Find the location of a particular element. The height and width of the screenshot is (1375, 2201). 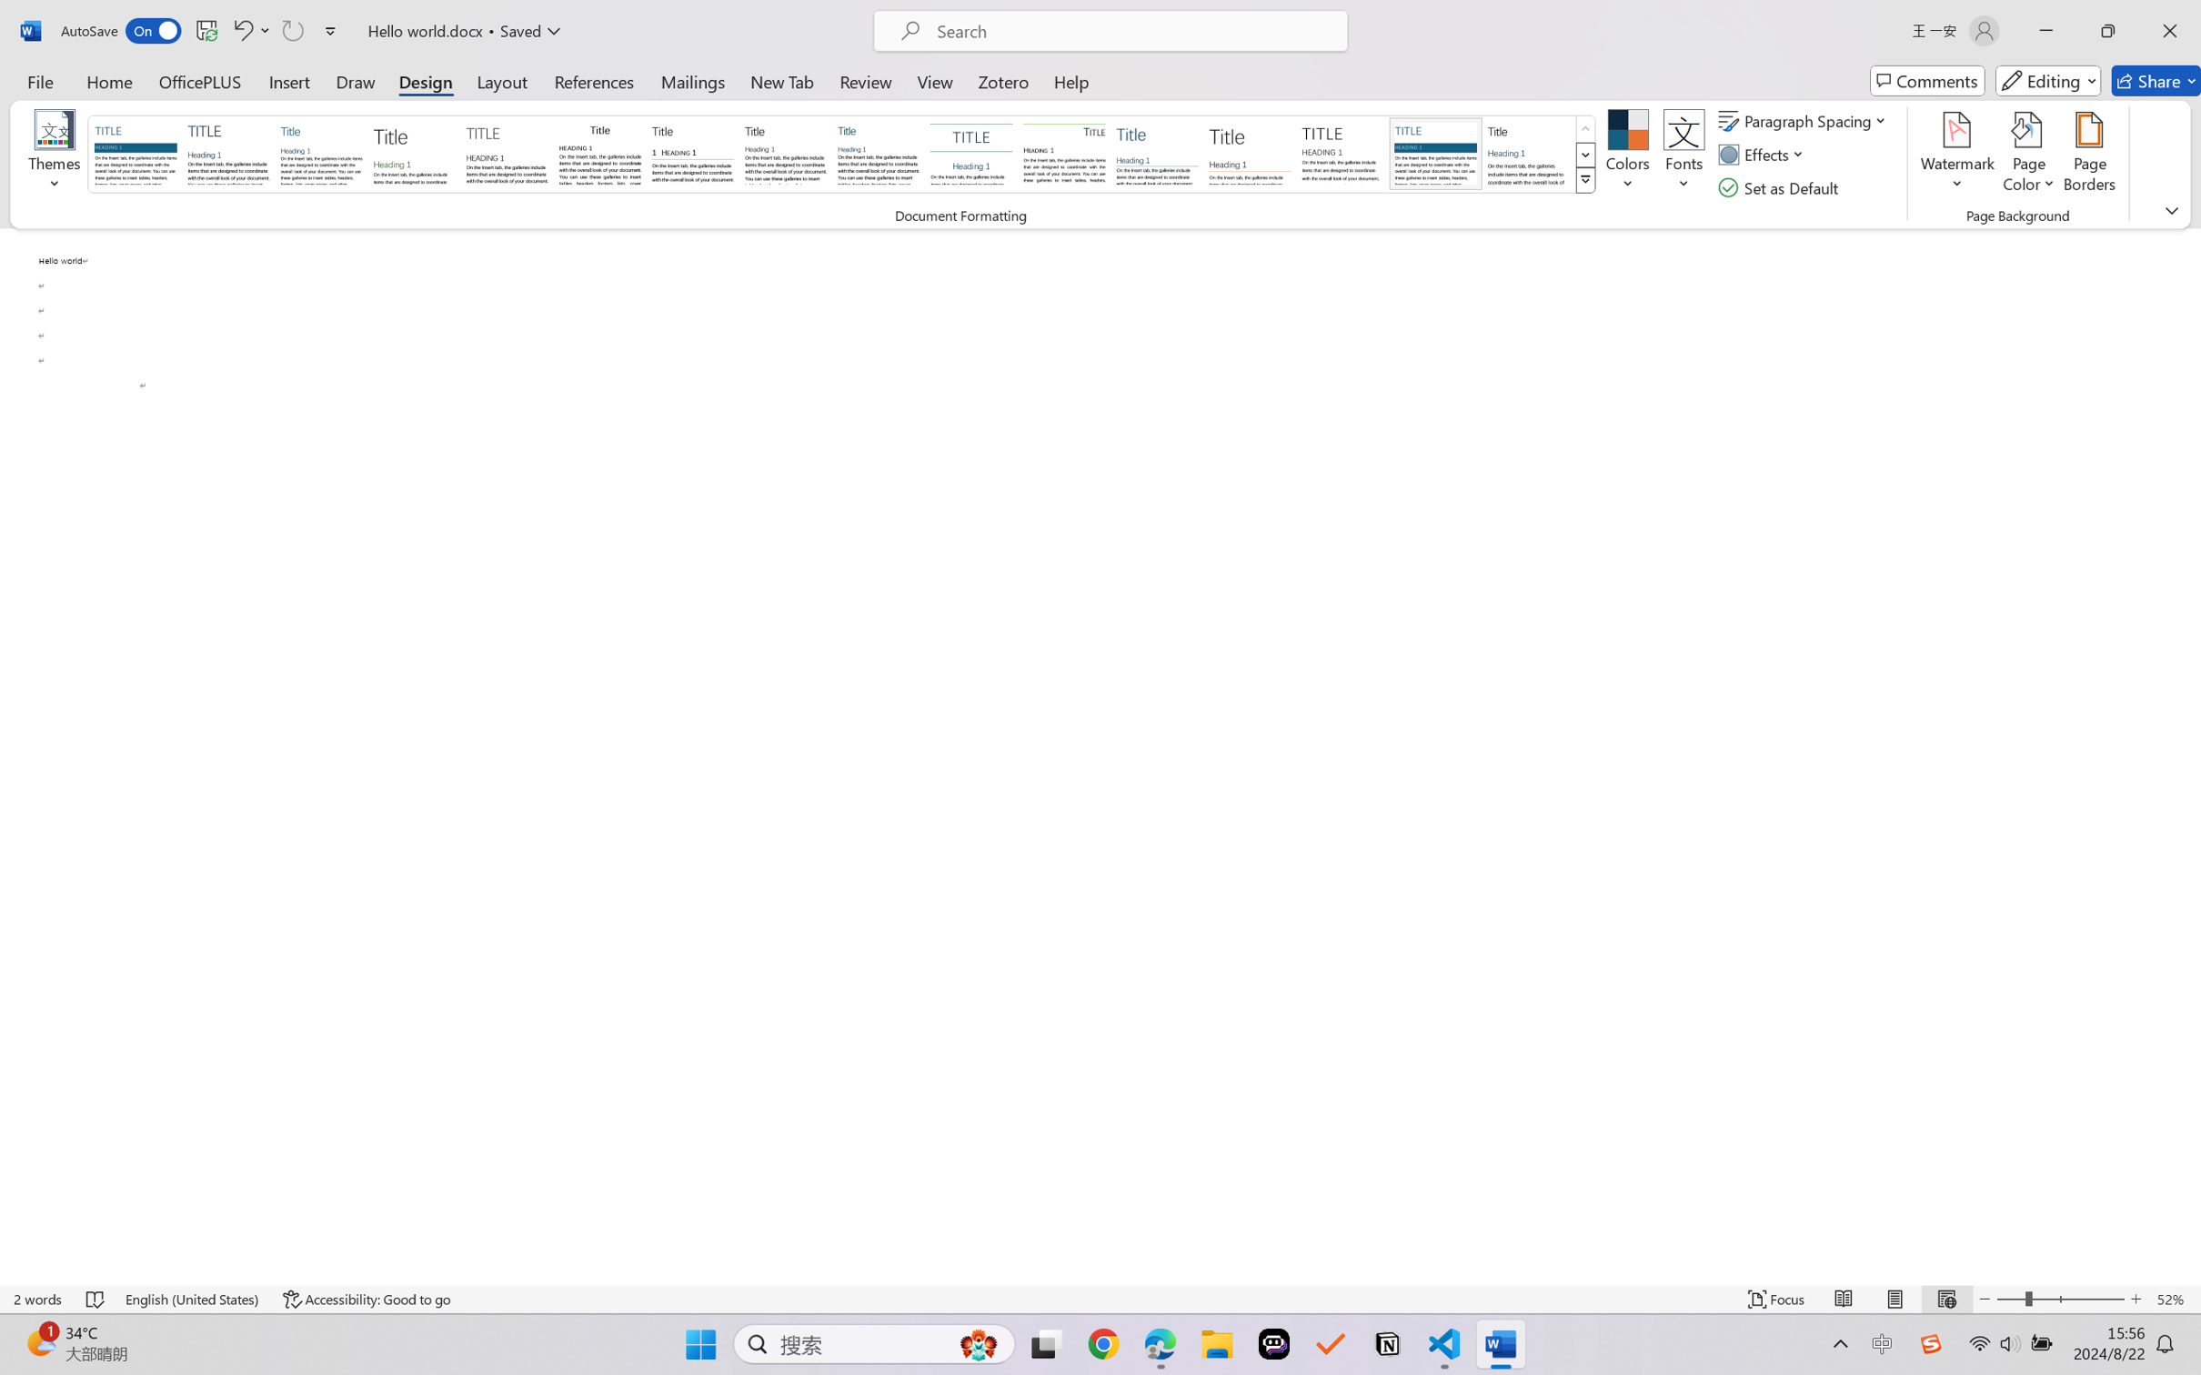

'Spelling and Grammar Check No Errors' is located at coordinates (95, 1299).